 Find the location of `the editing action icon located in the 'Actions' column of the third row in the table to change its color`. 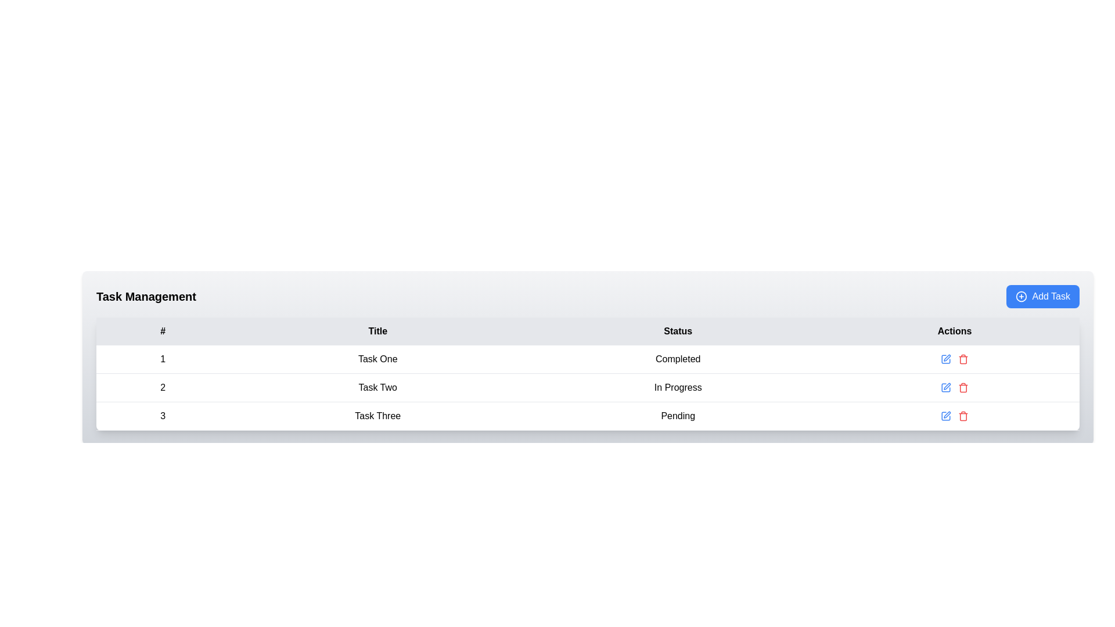

the editing action icon located in the 'Actions' column of the third row in the table to change its color is located at coordinates (947, 414).